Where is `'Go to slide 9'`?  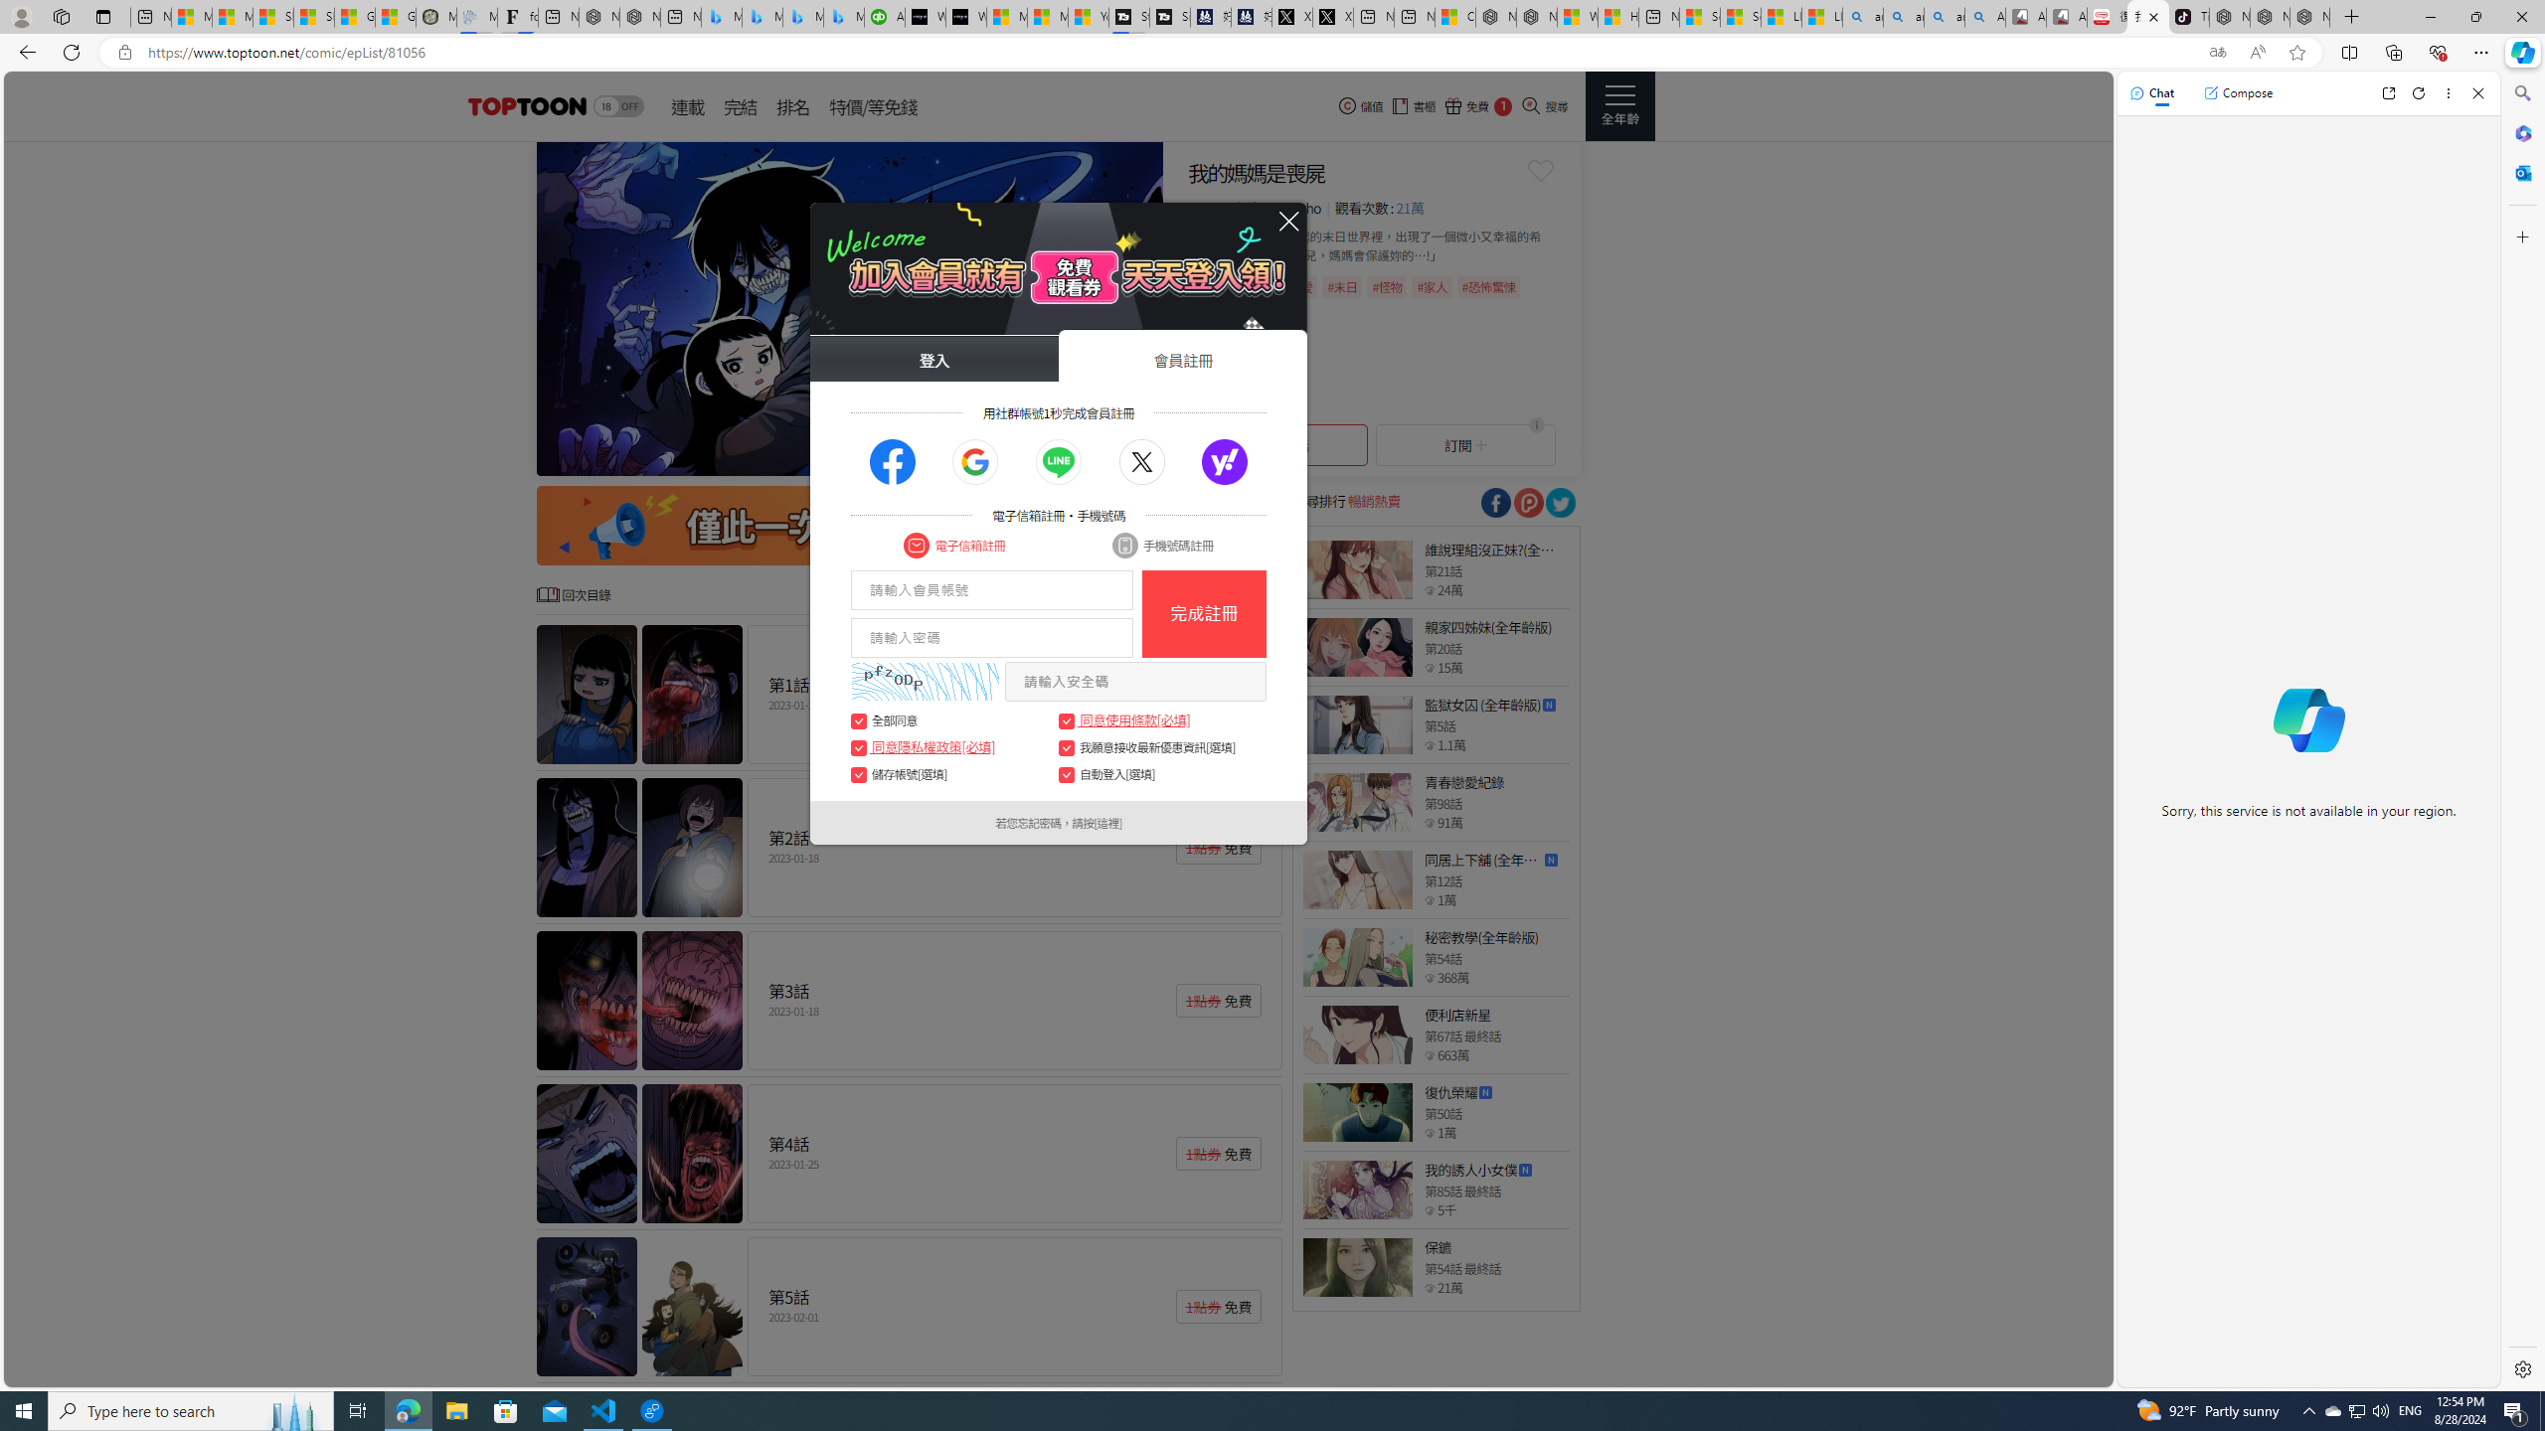
'Go to slide 9' is located at coordinates (1122, 456).